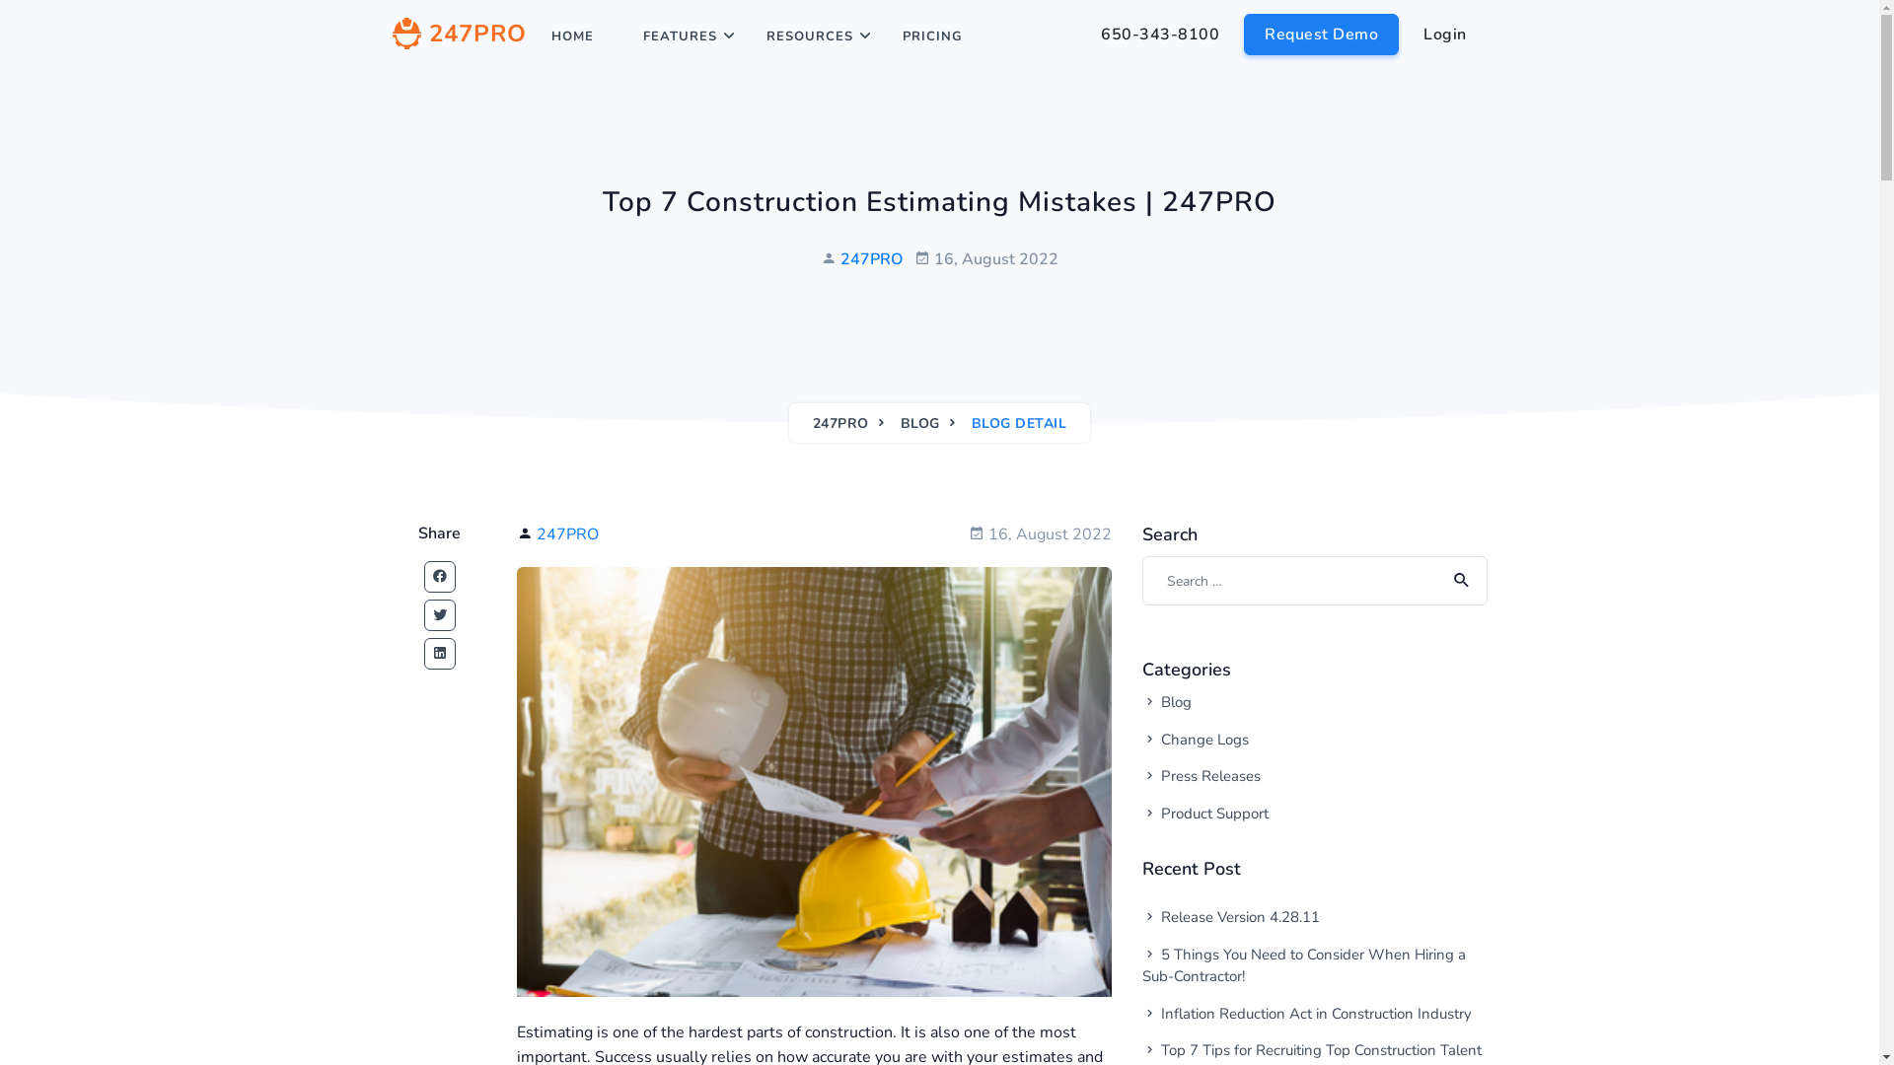 This screenshot has width=1894, height=1065. I want to click on 'Click to share on Facebook', so click(423, 577).